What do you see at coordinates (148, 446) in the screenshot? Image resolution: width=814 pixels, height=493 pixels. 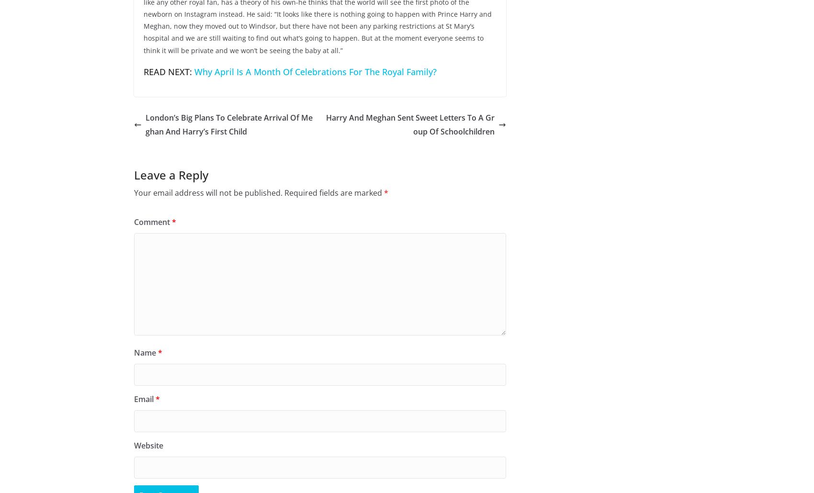 I see `'Website'` at bounding box center [148, 446].